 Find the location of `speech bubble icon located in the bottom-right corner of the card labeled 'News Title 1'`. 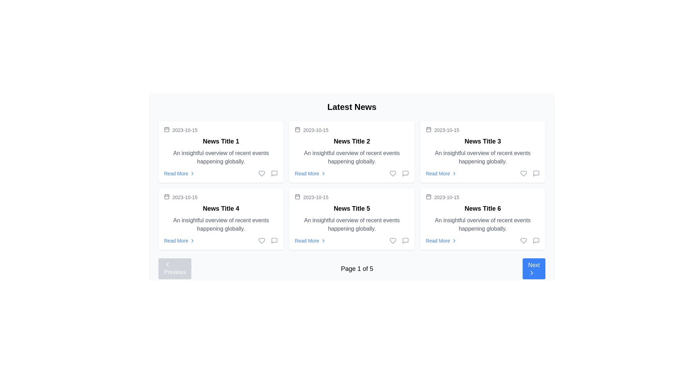

speech bubble icon located in the bottom-right corner of the card labeled 'News Title 1' is located at coordinates (274, 173).